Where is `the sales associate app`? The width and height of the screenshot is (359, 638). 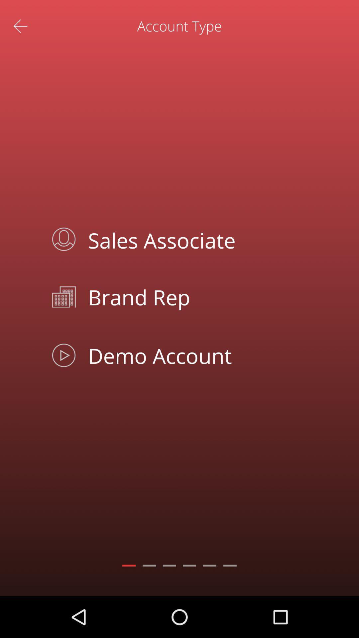 the sales associate app is located at coordinates (194, 239).